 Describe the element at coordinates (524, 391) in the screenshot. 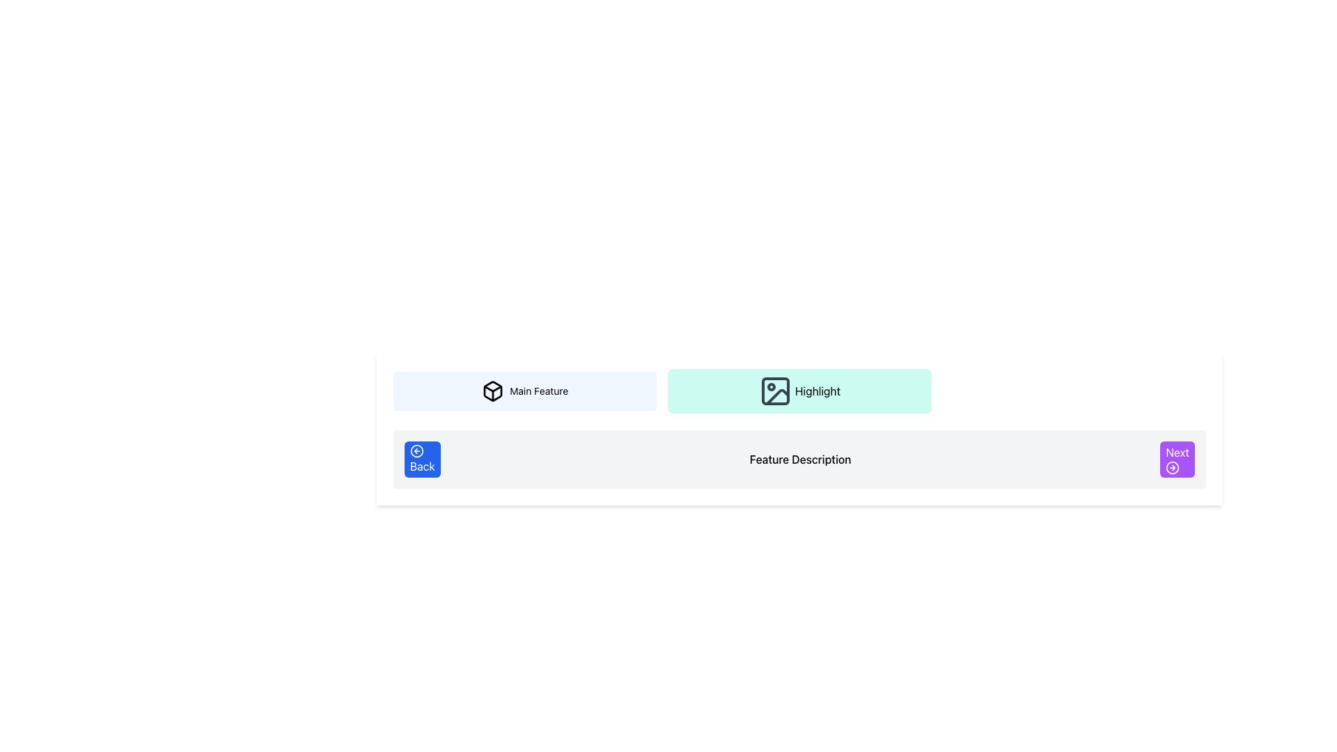

I see `the 'Main Feature' button located in the first position of a three-column grid, adjacent to the 'Highlight' button and above the 'Back' button` at that location.